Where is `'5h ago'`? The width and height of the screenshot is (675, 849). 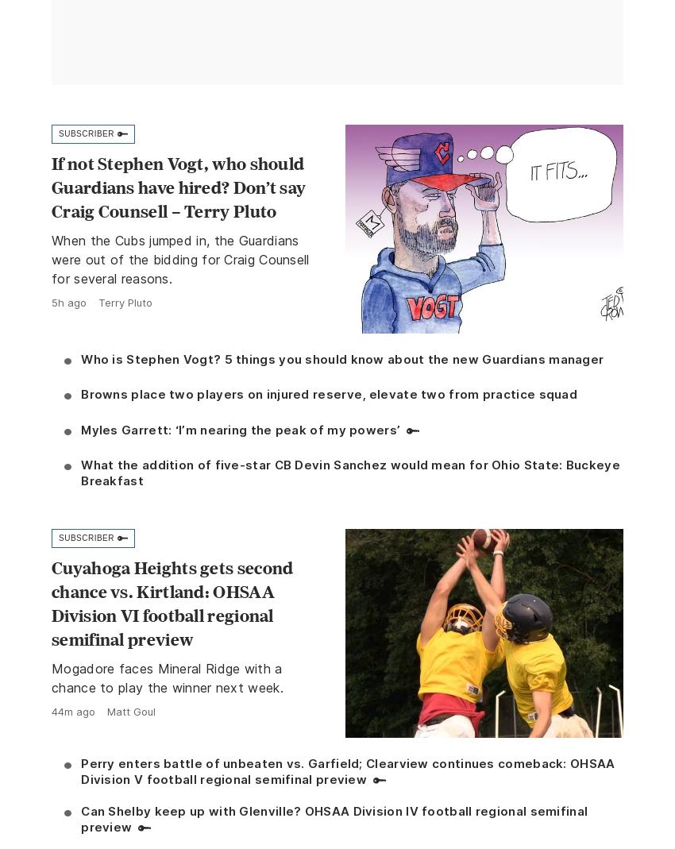
'5h ago' is located at coordinates (68, 302).